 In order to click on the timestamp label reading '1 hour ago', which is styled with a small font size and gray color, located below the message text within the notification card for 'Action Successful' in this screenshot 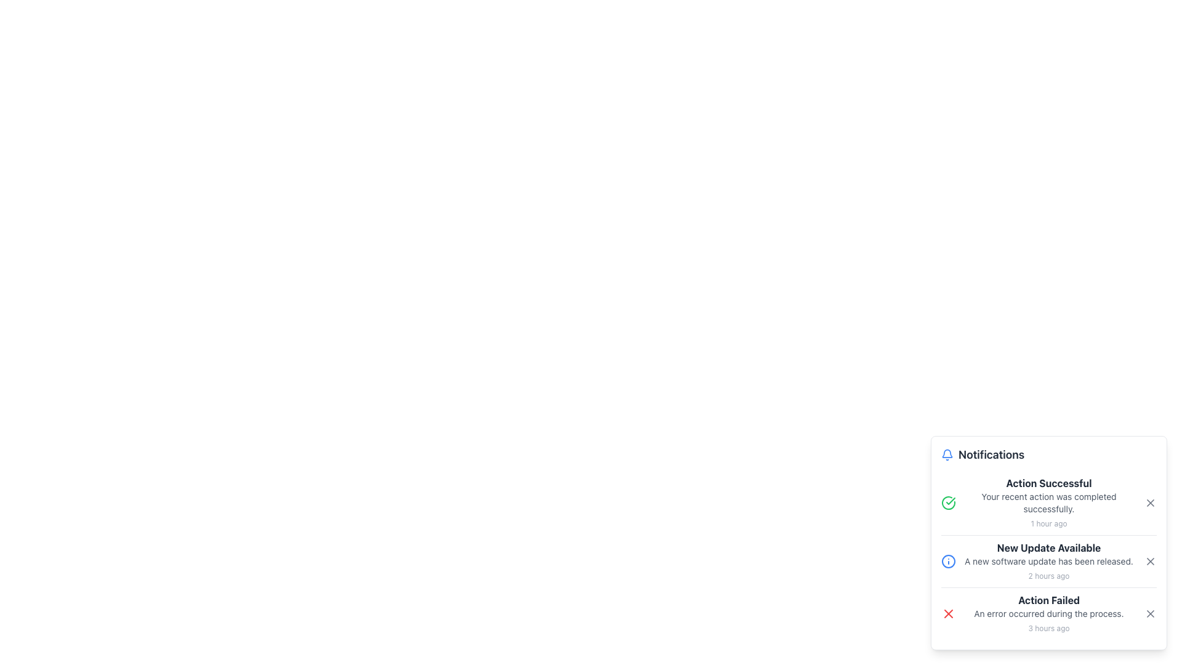, I will do `click(1048, 523)`.